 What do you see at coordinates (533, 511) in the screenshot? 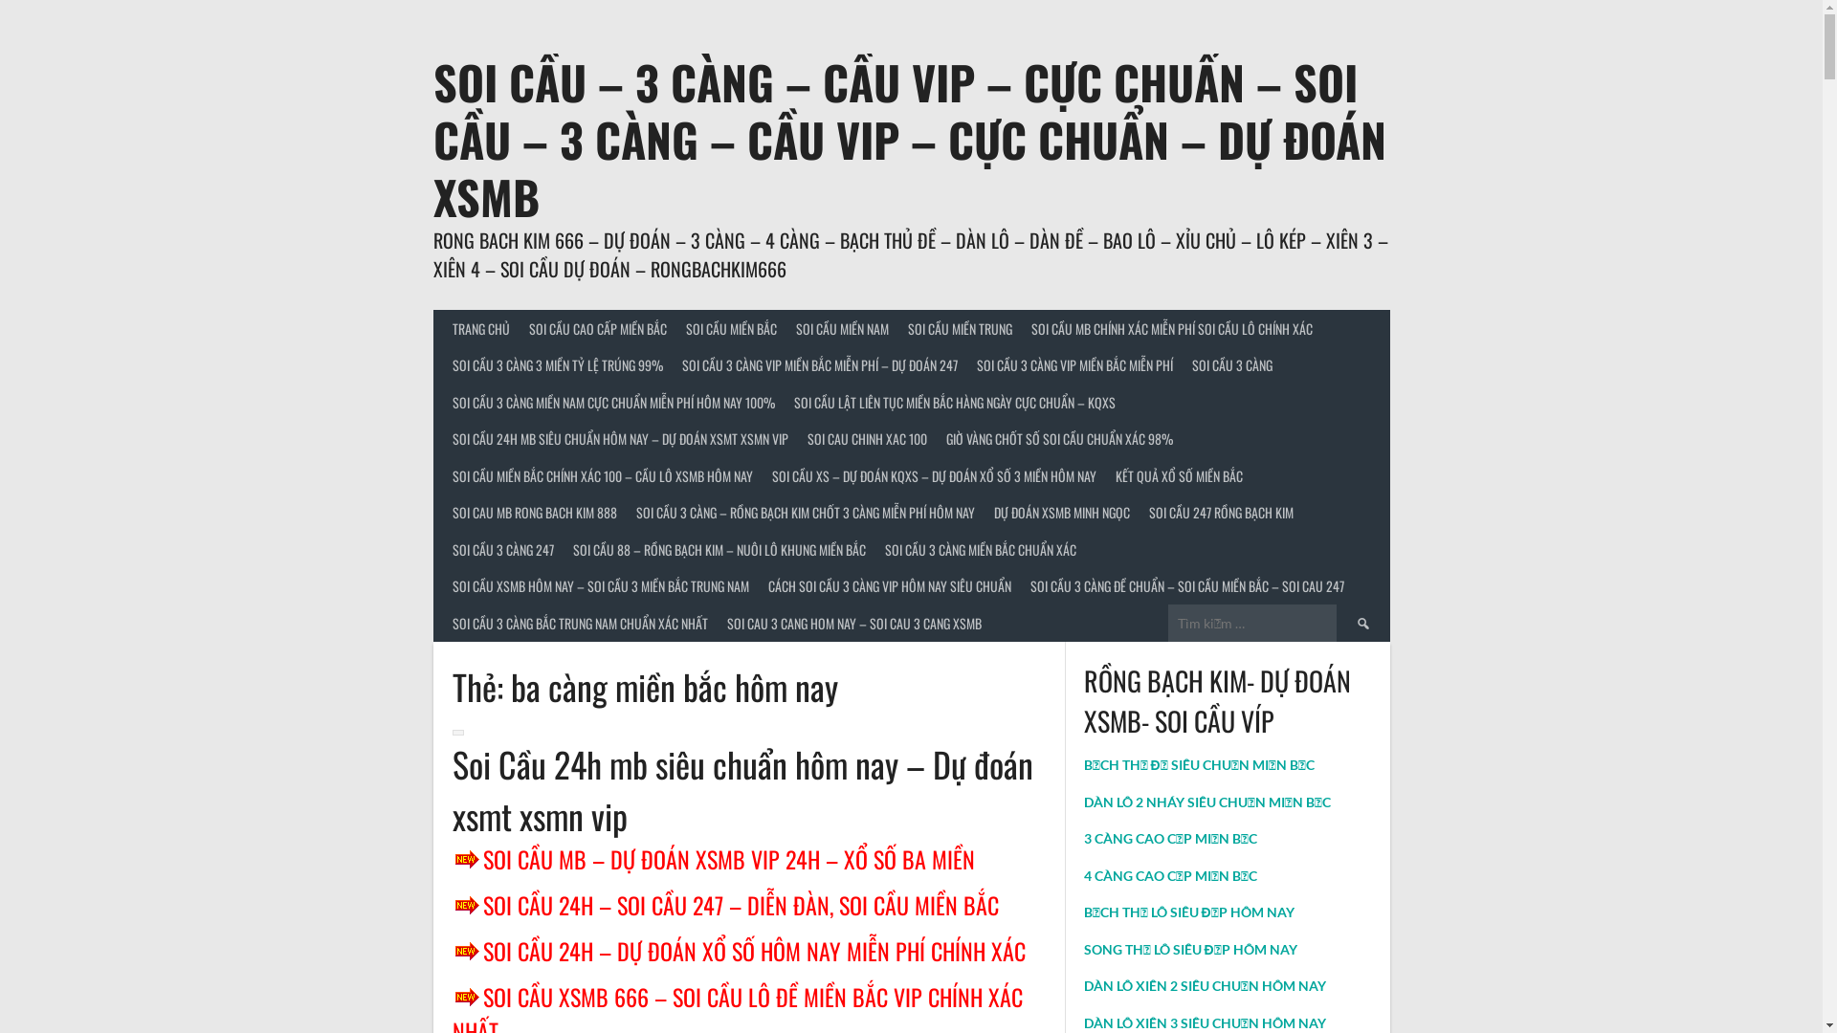
I see `'SOI CAU MB RONG BACH KIM 888'` at bounding box center [533, 511].